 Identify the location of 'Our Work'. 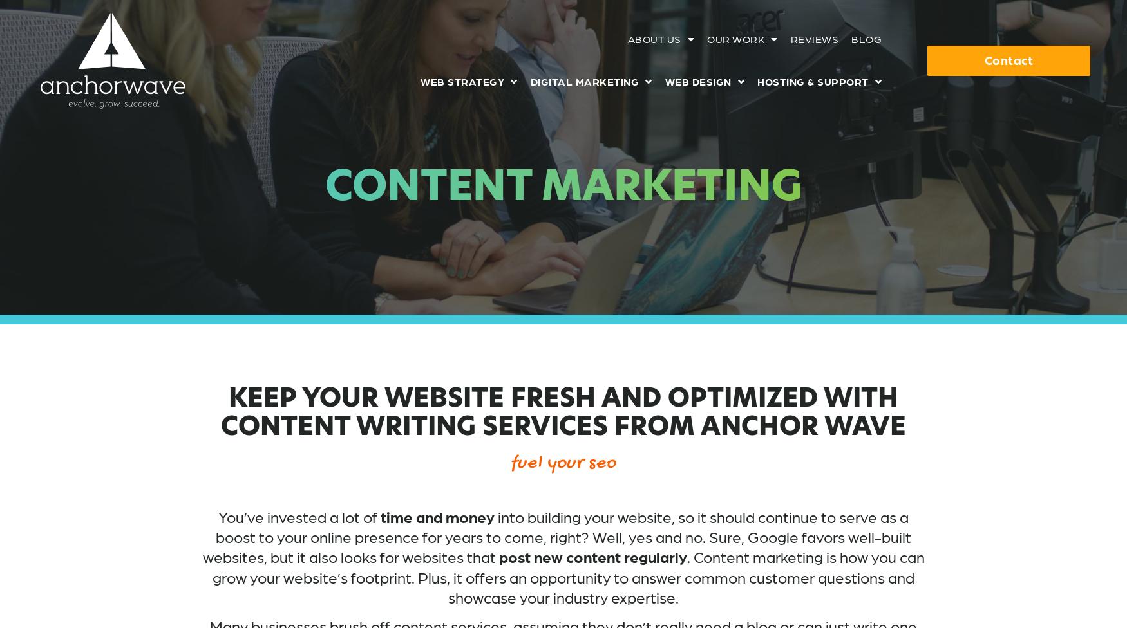
(735, 39).